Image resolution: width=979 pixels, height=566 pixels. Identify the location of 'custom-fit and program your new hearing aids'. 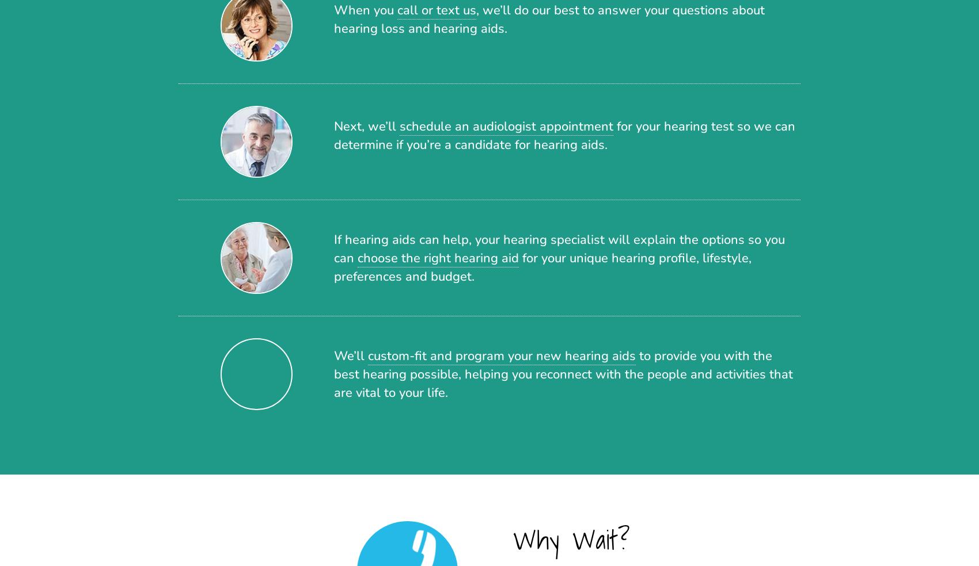
(502, 355).